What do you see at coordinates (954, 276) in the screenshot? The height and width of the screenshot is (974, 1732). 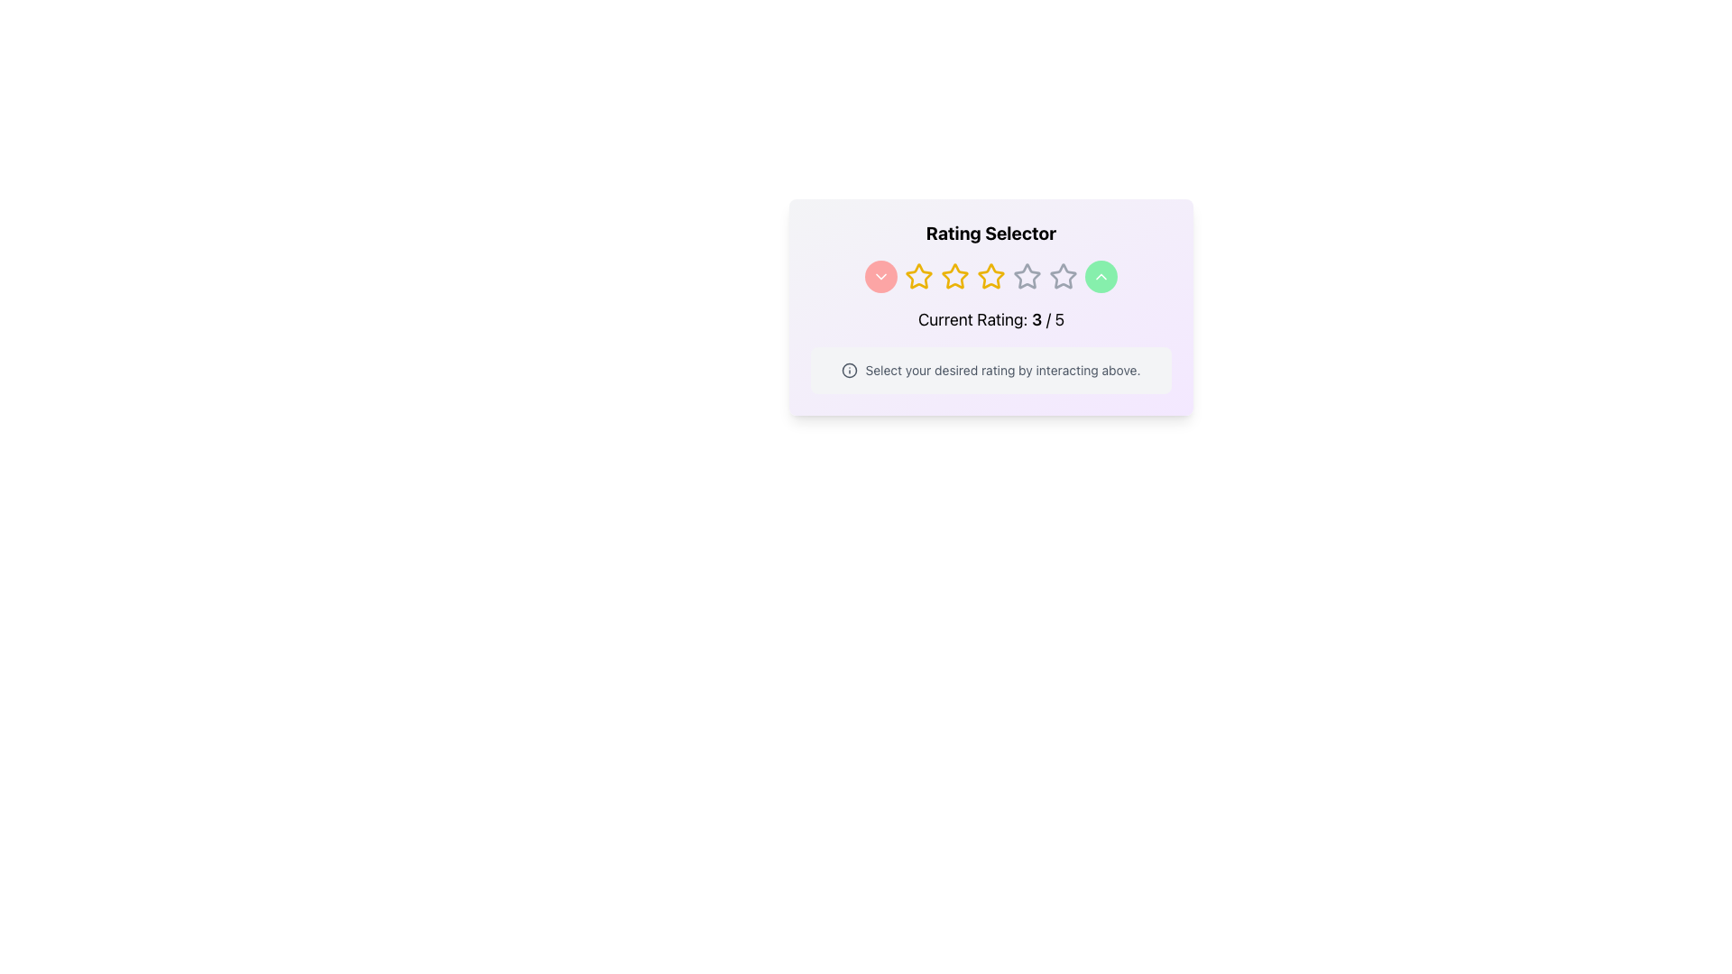 I see `the third yellow outlined star icon` at bounding box center [954, 276].